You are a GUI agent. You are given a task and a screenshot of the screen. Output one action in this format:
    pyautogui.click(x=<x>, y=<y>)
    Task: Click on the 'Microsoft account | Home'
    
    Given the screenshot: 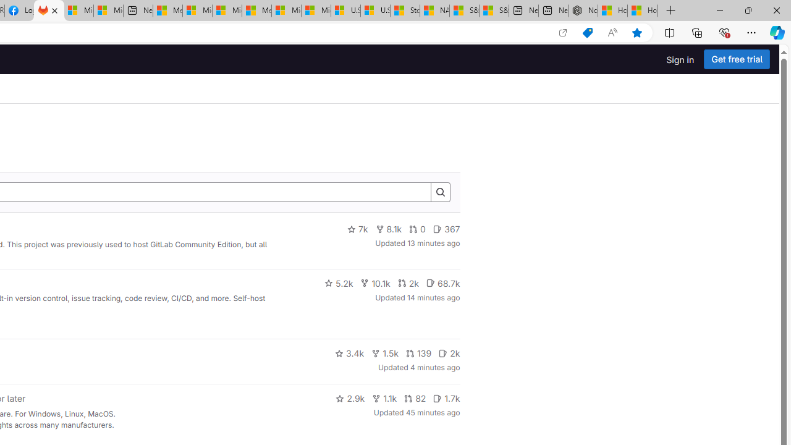 What is the action you would take?
    pyautogui.click(x=227, y=11)
    